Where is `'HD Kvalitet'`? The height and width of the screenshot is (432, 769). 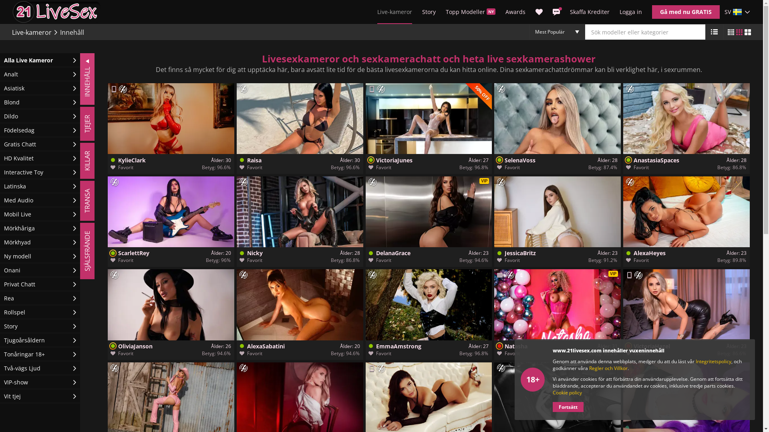 'HD Kvalitet' is located at coordinates (0, 158).